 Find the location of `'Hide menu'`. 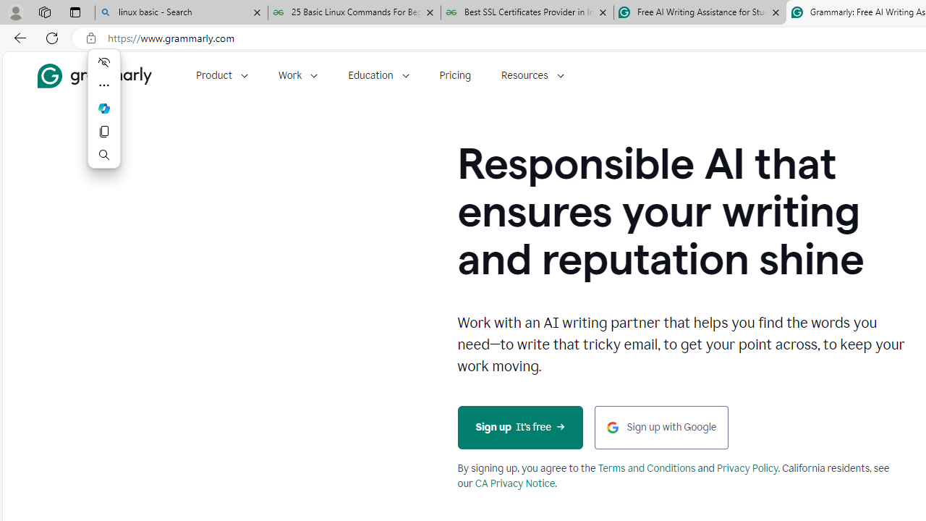

'Hide menu' is located at coordinates (103, 62).